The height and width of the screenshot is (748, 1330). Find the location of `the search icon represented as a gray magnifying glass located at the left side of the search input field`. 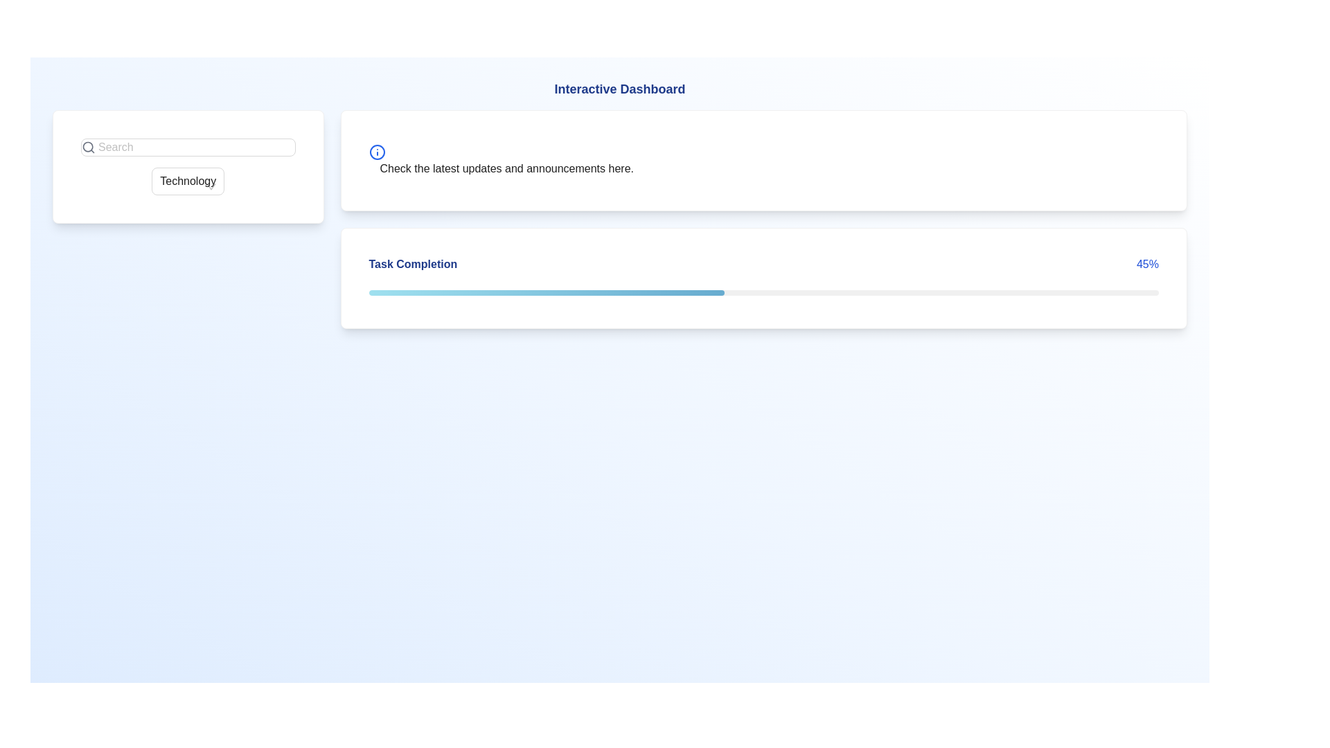

the search icon represented as a gray magnifying glass located at the left side of the search input field is located at coordinates (88, 147).